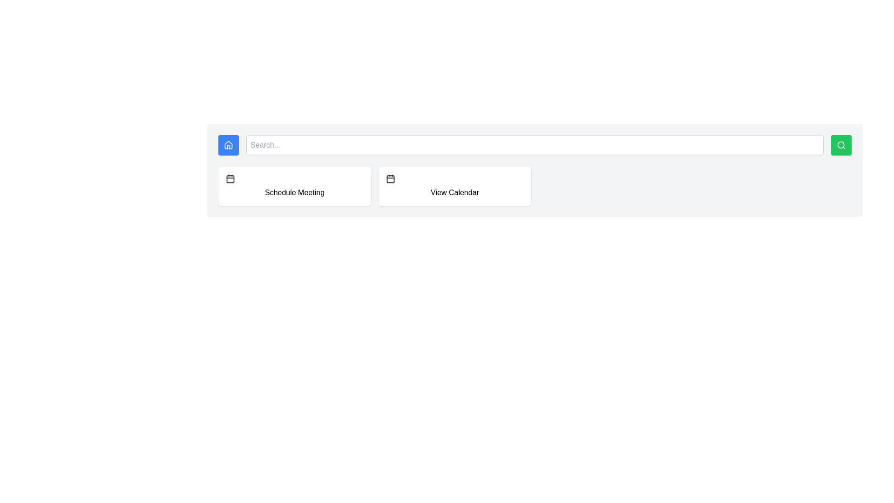  What do you see at coordinates (228, 145) in the screenshot?
I see `the blue square button with a house icon and white outline located at the top-left corner of the interface` at bounding box center [228, 145].